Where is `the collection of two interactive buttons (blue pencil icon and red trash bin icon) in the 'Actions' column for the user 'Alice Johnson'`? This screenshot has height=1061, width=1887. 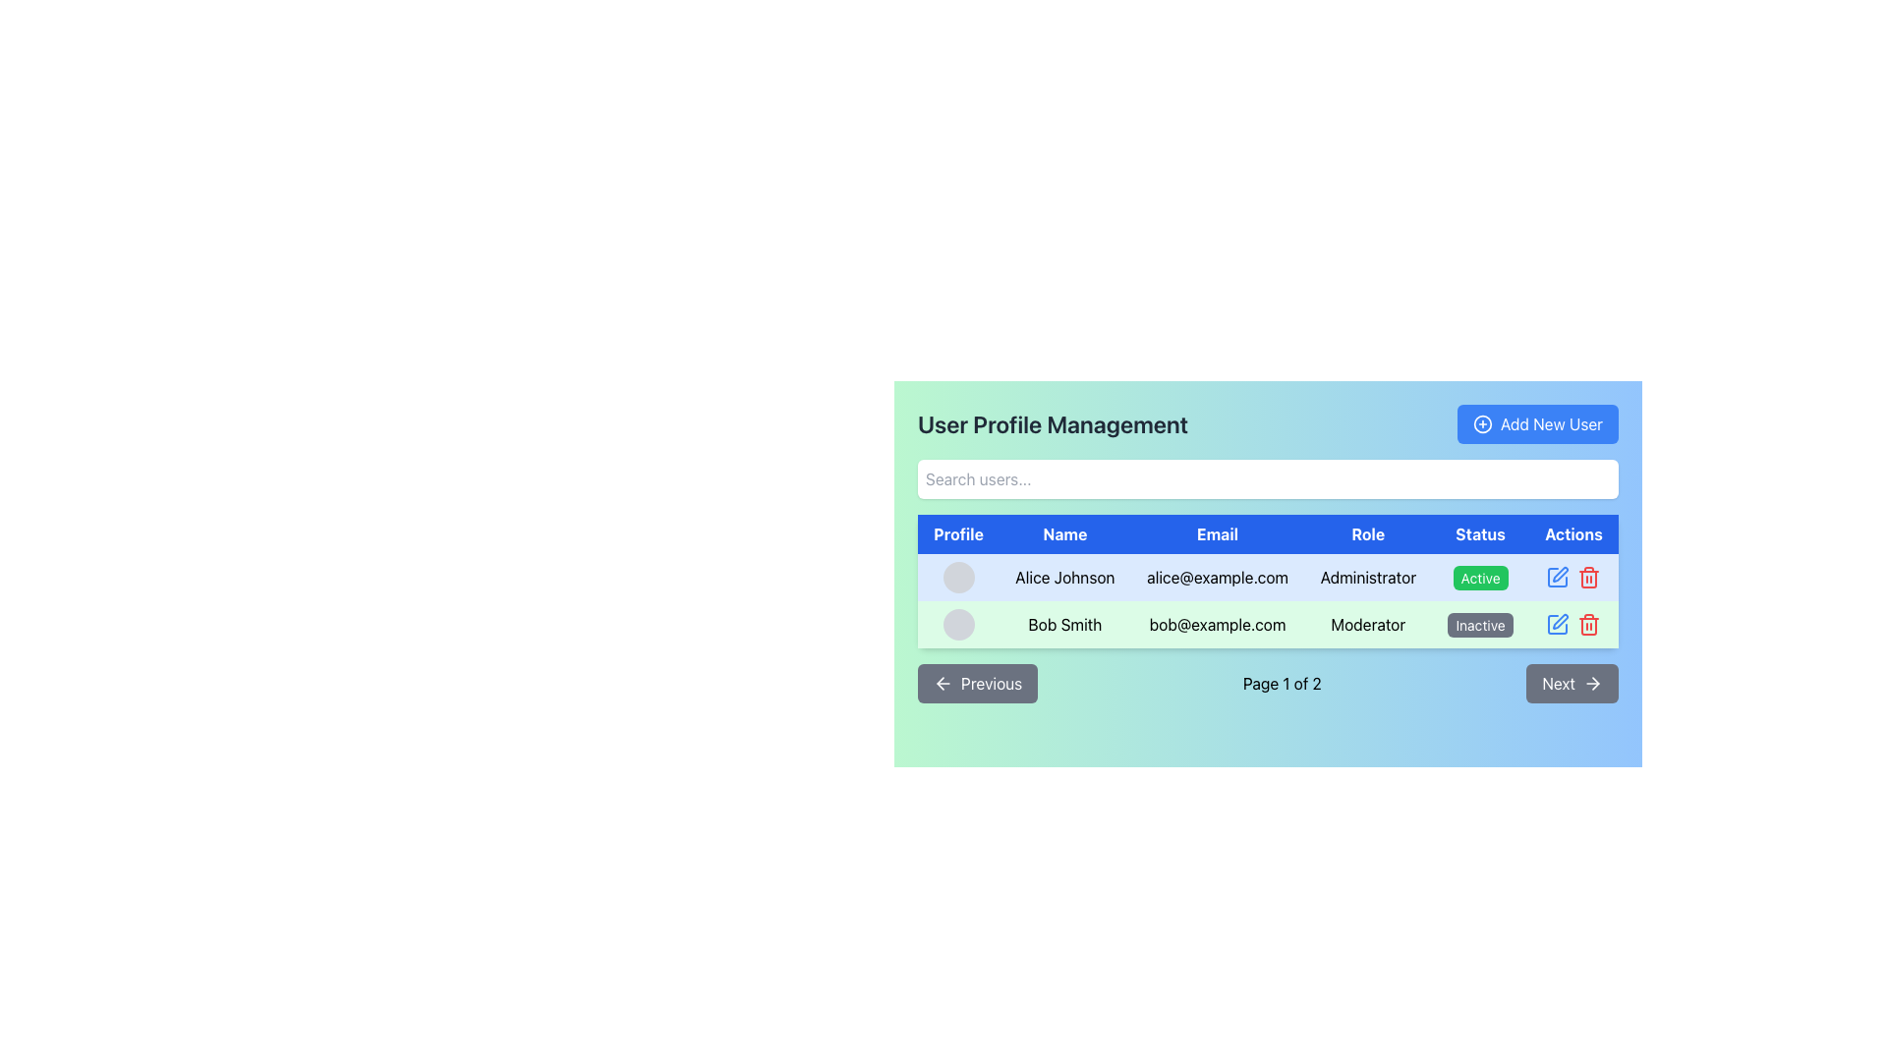 the collection of two interactive buttons (blue pencil icon and red trash bin icon) in the 'Actions' column for the user 'Alice Johnson' is located at coordinates (1573, 576).